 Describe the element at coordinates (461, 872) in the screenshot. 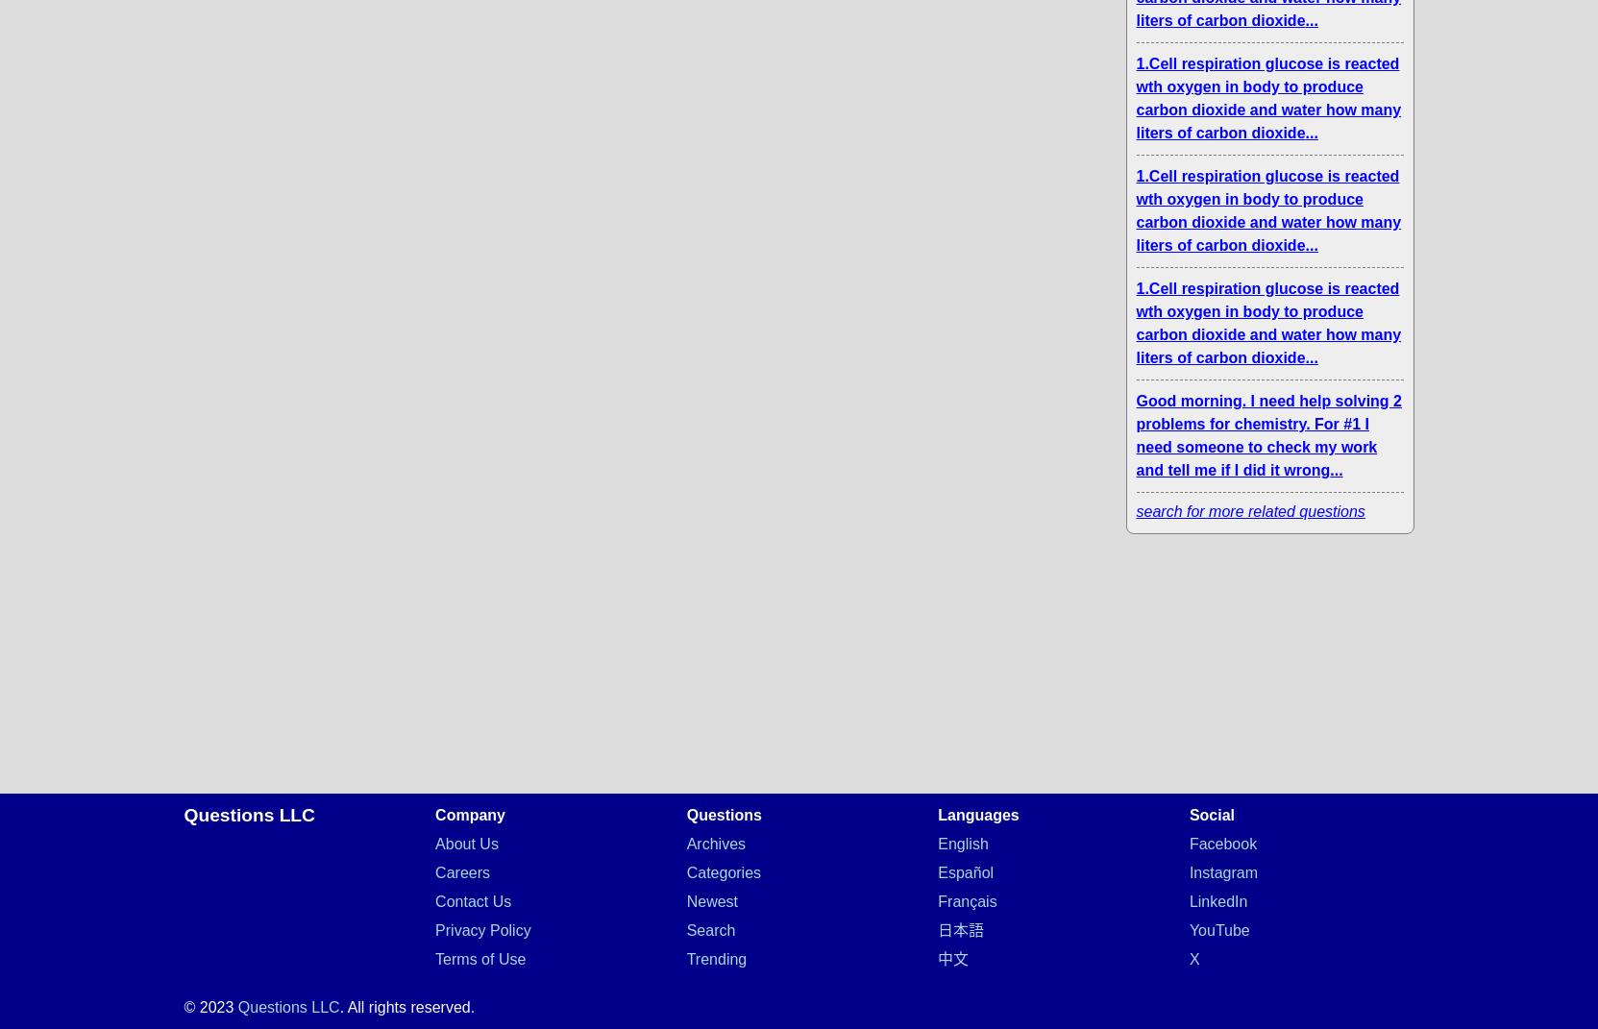

I see `'Careers'` at that location.